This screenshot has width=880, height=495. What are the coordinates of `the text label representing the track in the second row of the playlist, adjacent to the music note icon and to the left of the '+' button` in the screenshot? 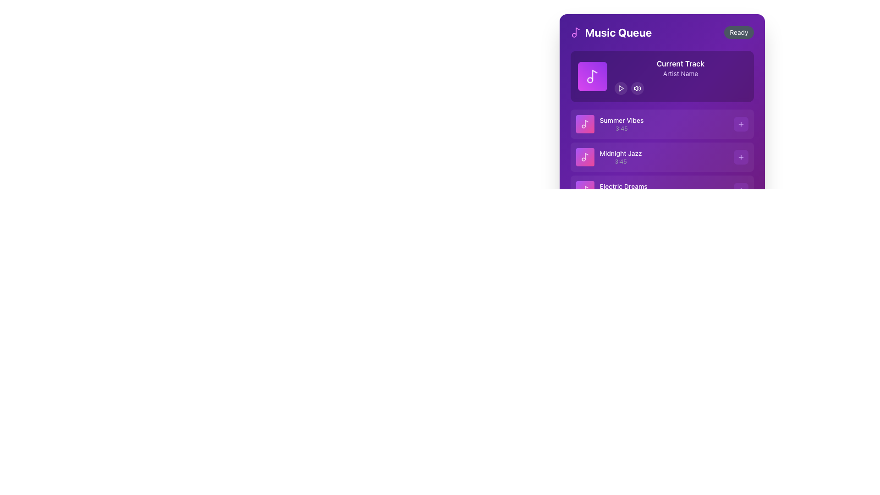 It's located at (621, 124).